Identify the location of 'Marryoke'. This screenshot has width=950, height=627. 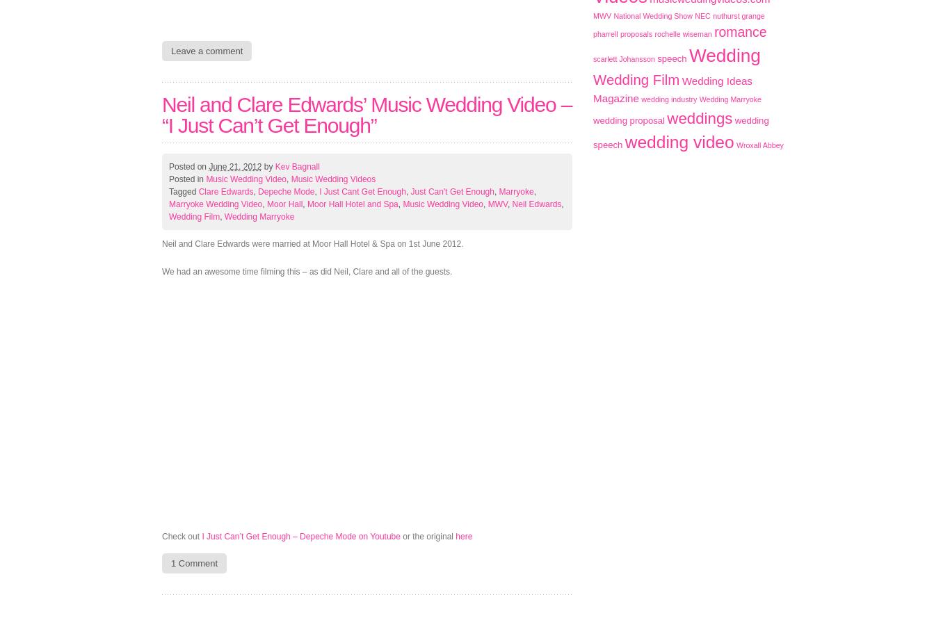
(516, 192).